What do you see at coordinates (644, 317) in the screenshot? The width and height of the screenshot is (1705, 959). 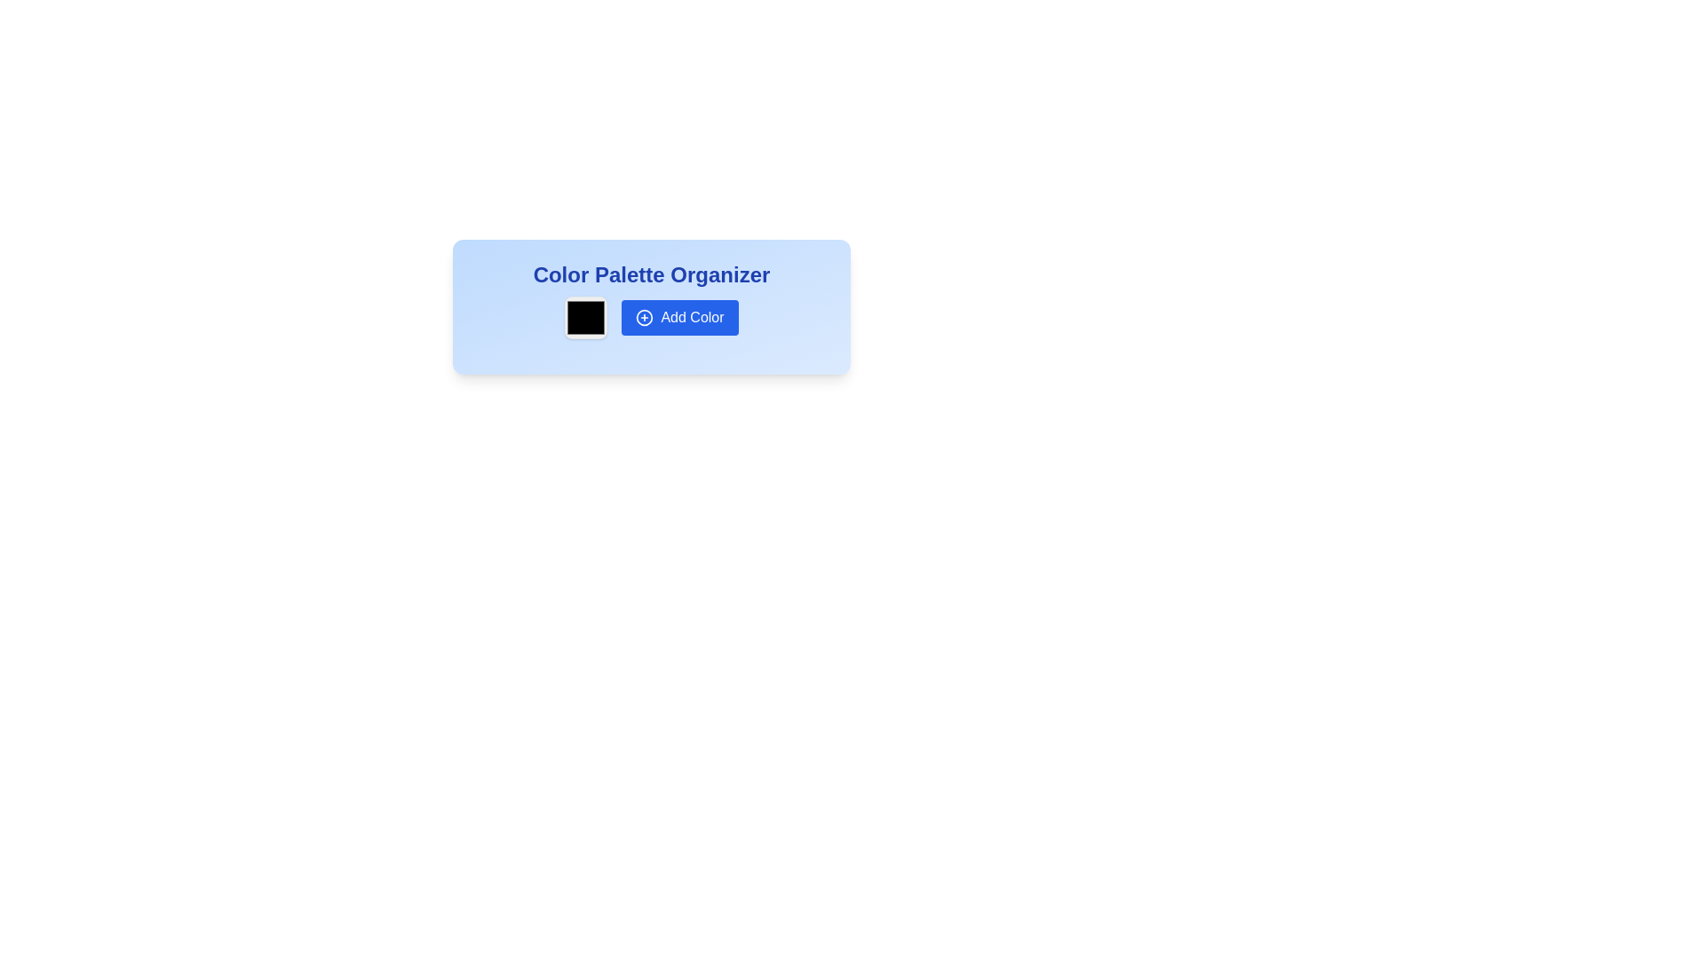 I see `the circular plus icon within the blue 'Add Color' button in the 'Color Palette Organizer' module` at bounding box center [644, 317].